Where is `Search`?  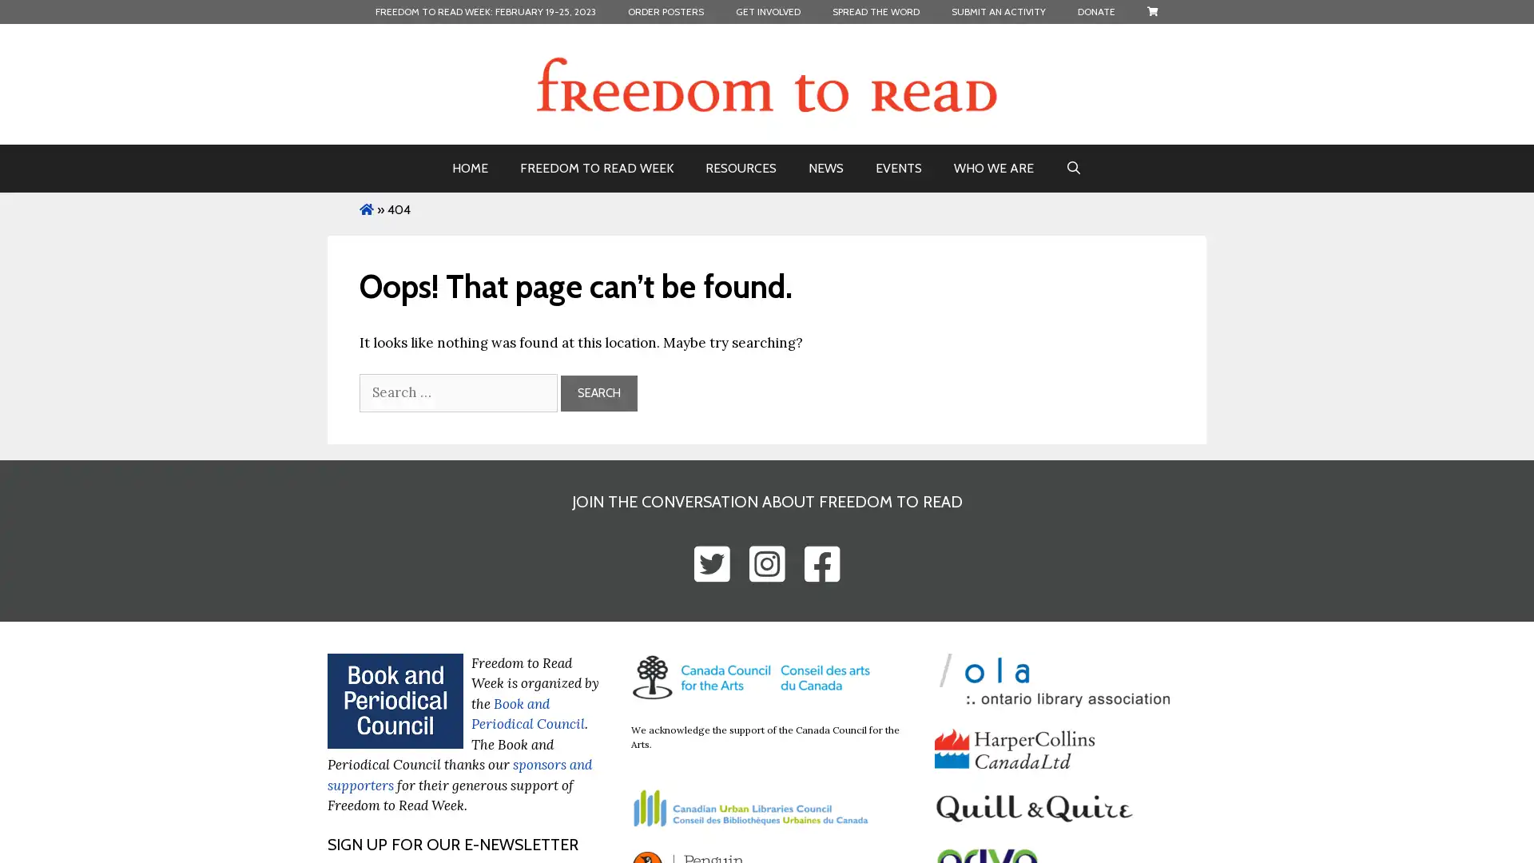 Search is located at coordinates (598, 393).